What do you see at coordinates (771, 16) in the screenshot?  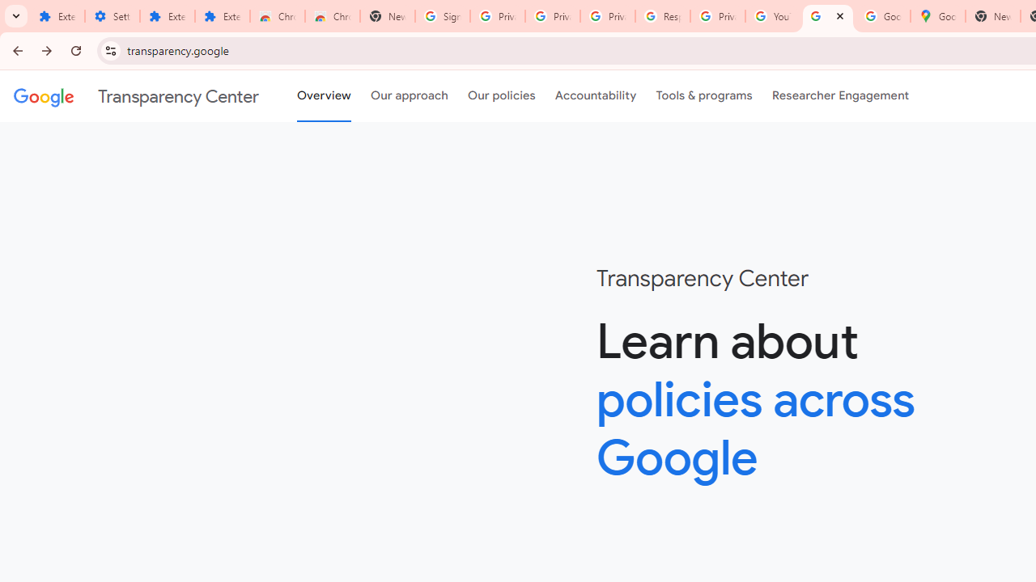 I see `'YouTube'` at bounding box center [771, 16].